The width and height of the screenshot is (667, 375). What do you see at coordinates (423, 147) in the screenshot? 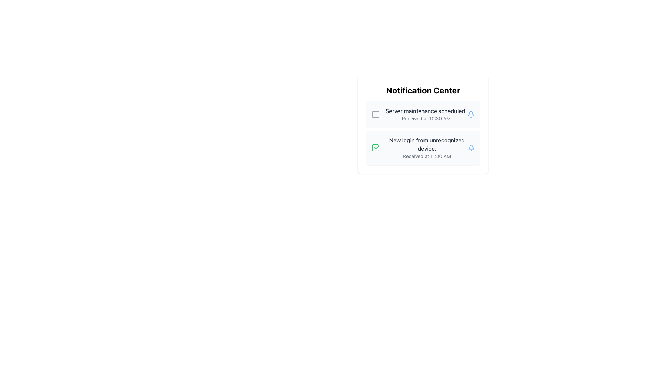
I see `the Notification Card that displays the title 'New login from unrecognized device.' and the timestamp 'Received at 11:00 AM.'` at bounding box center [423, 147].